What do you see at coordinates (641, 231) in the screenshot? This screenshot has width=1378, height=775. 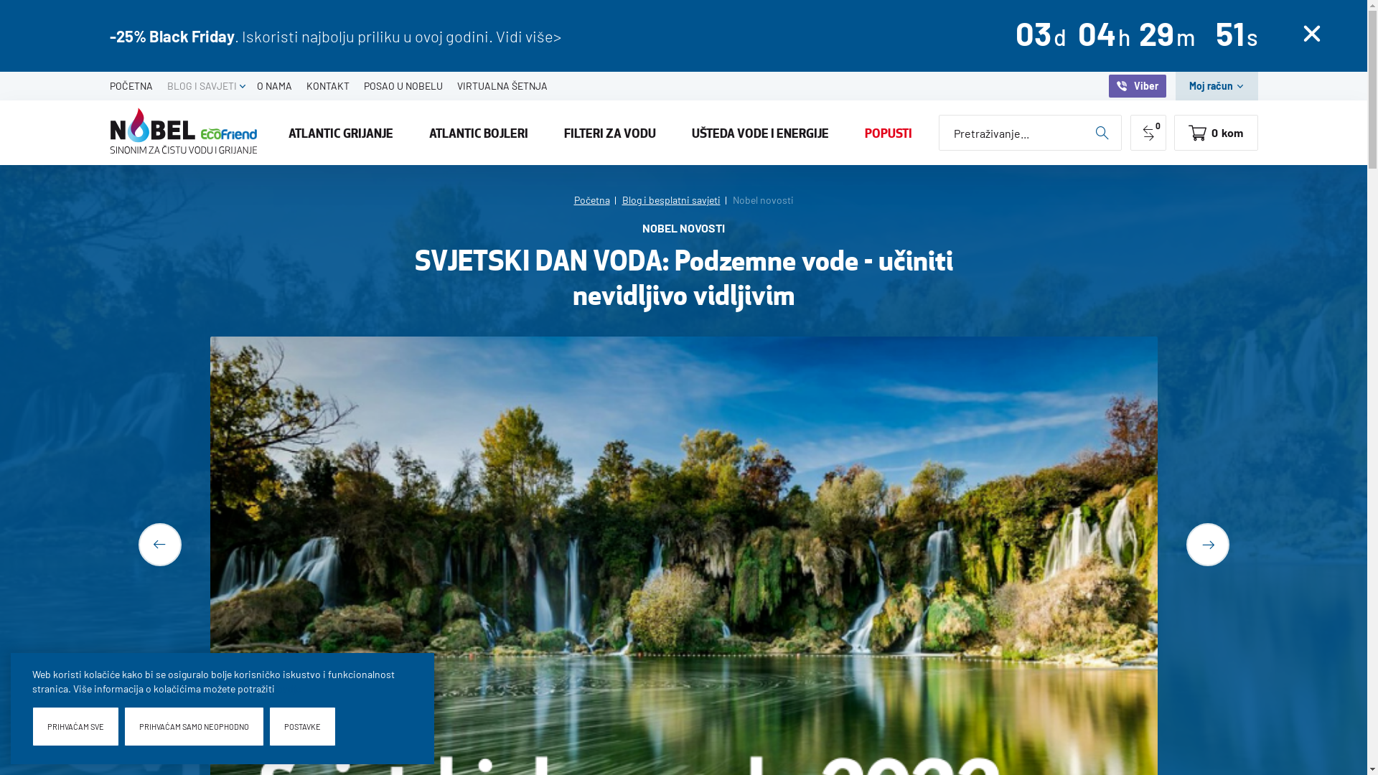 I see `'NOBEL NOVOSTI'` at bounding box center [641, 231].